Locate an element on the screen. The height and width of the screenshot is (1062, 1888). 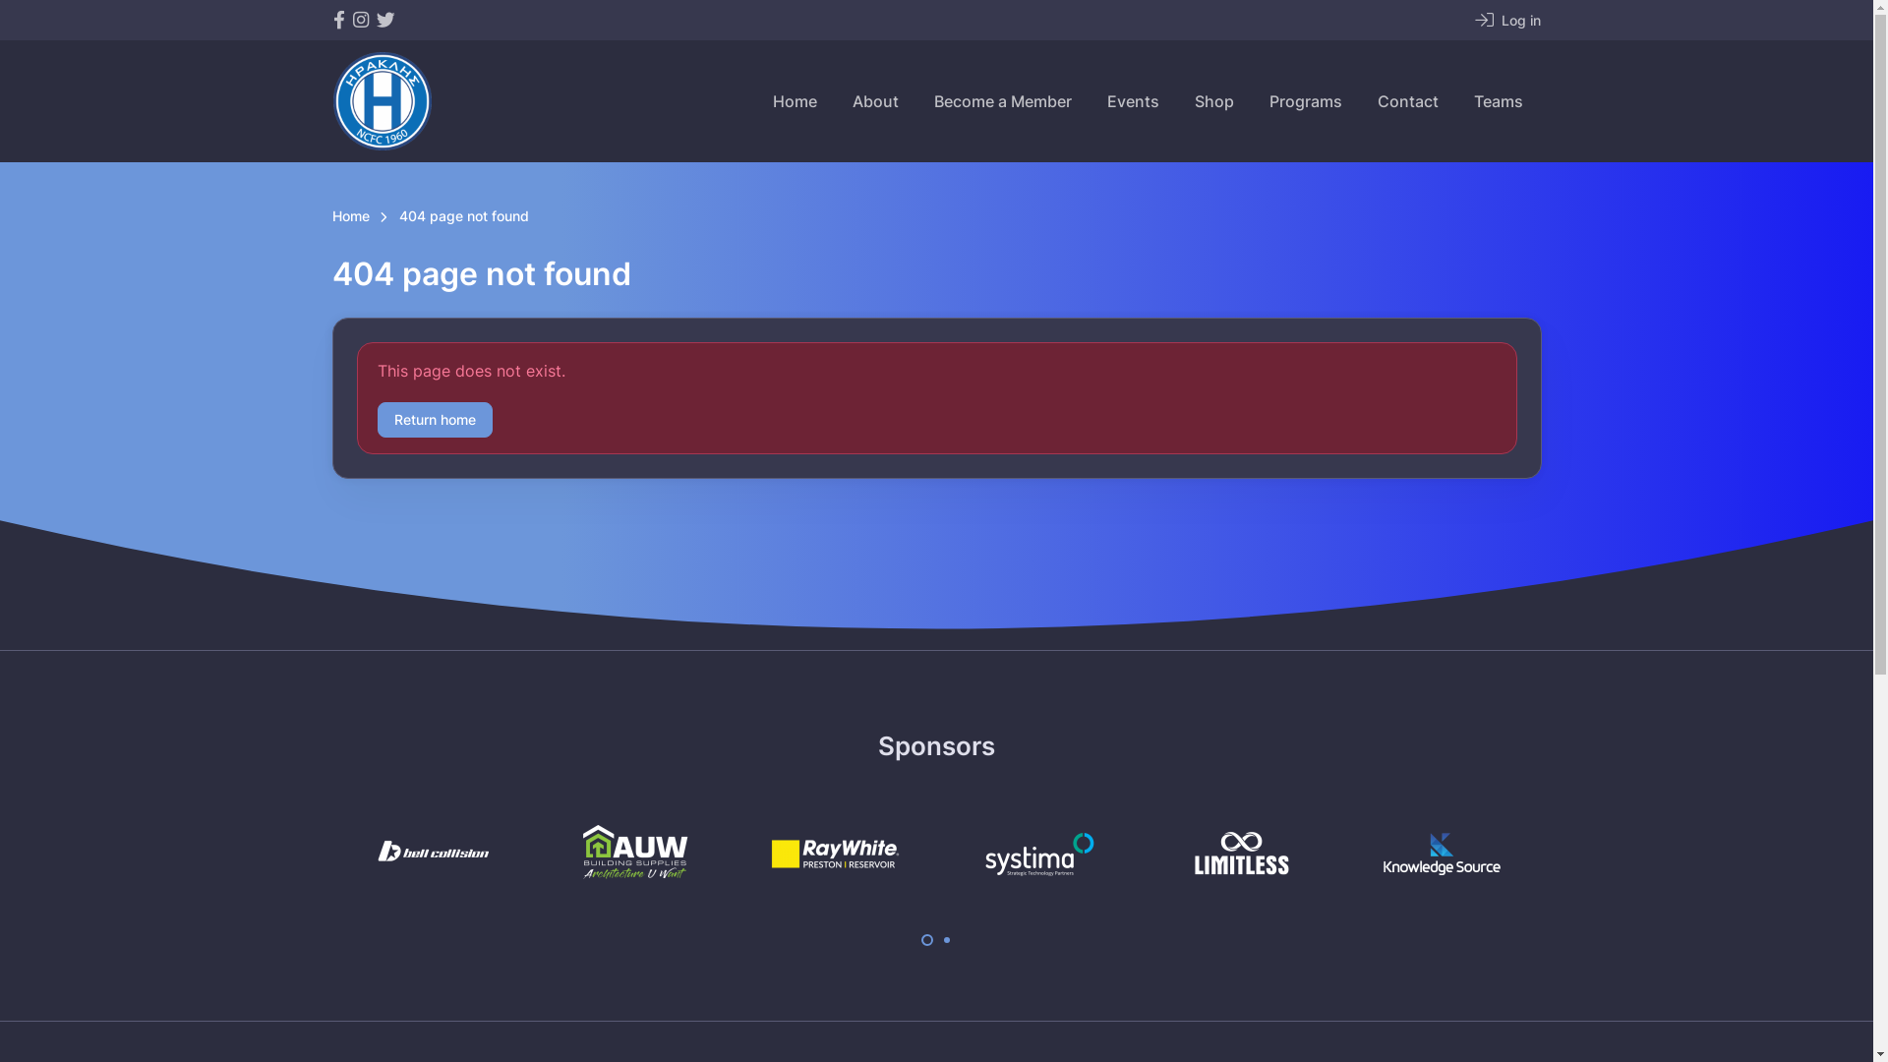
'Northcote City Football Club on Instagram' is located at coordinates (352, 20).